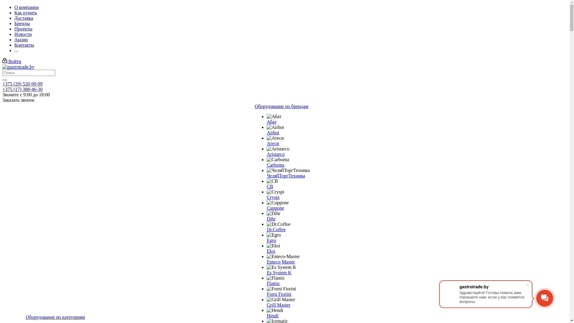 This screenshot has height=323, width=574. Describe the element at coordinates (277, 159) in the screenshot. I see `'Carboma'` at that location.